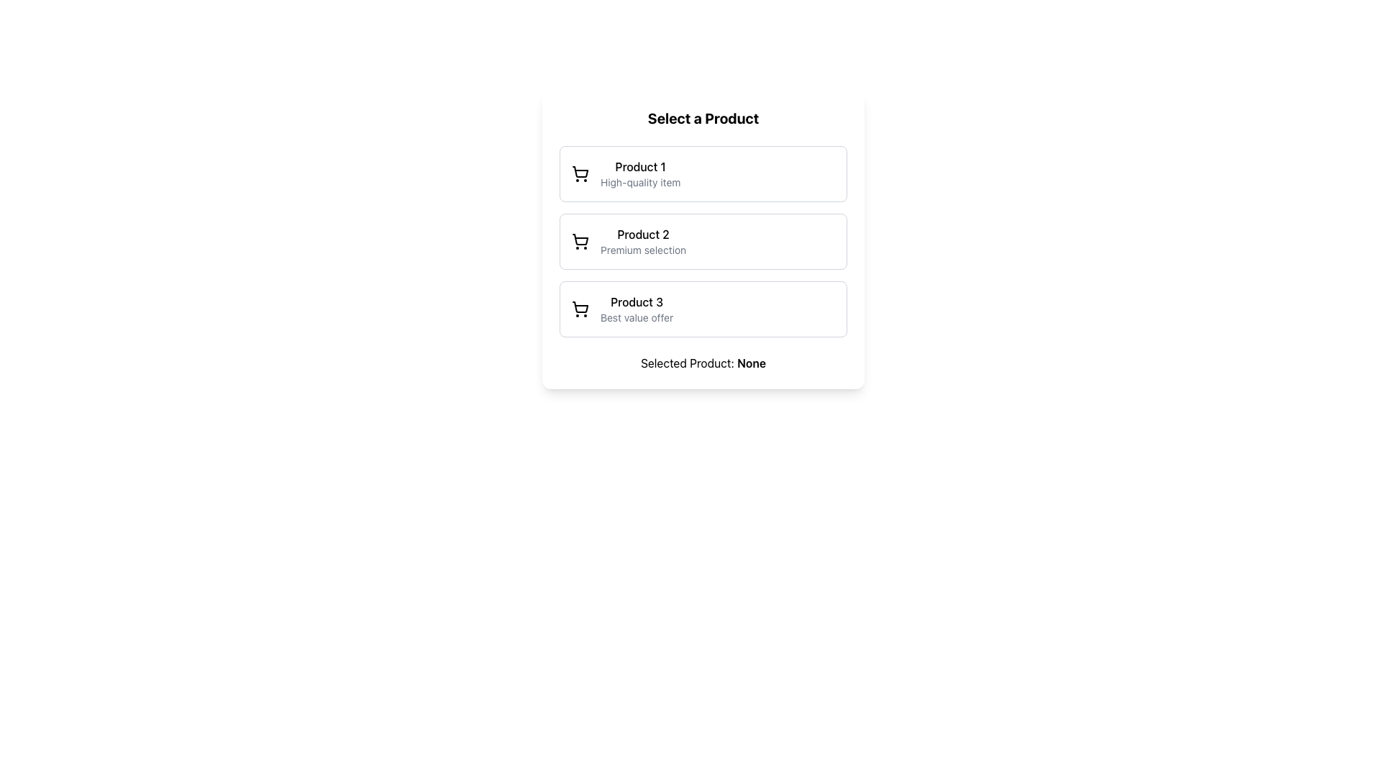  Describe the element at coordinates (580, 240) in the screenshot. I see `the shopping cart icon located to the left of the text 'Product 2' in the product options list` at that location.